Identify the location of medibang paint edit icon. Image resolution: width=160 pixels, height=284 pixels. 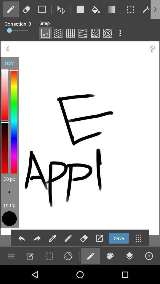
(30, 256).